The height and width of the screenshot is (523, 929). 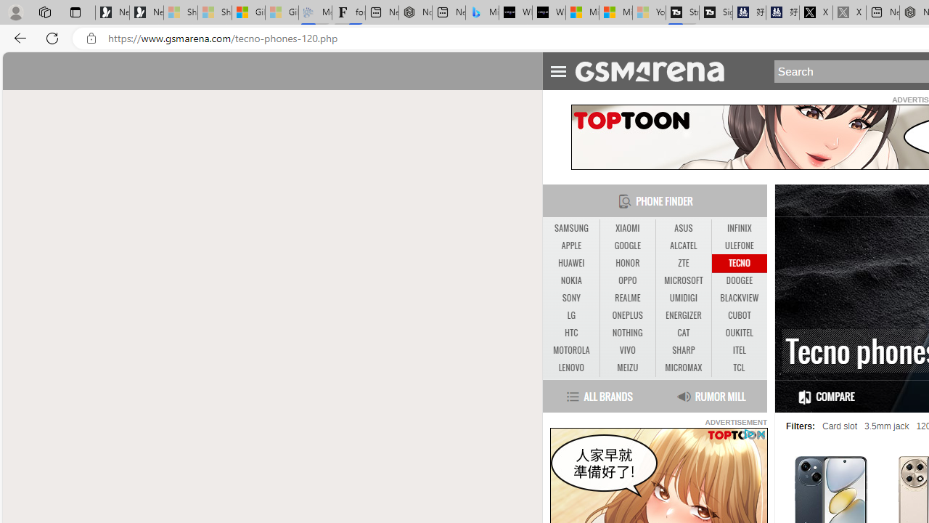 What do you see at coordinates (627, 245) in the screenshot?
I see `'GOOGLE'` at bounding box center [627, 245].